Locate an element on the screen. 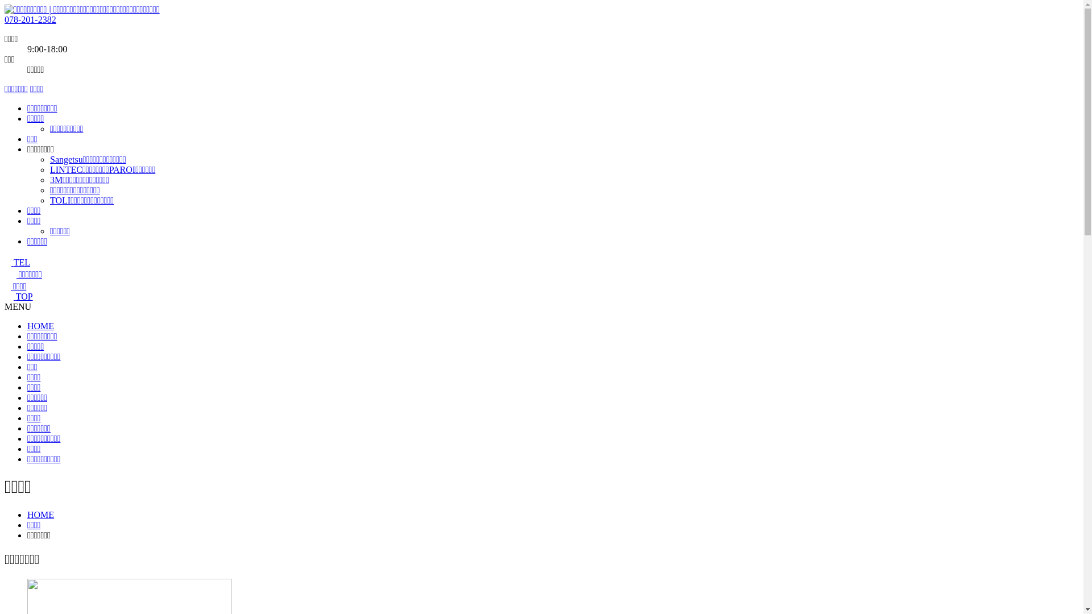  'TEL' is located at coordinates (17, 262).